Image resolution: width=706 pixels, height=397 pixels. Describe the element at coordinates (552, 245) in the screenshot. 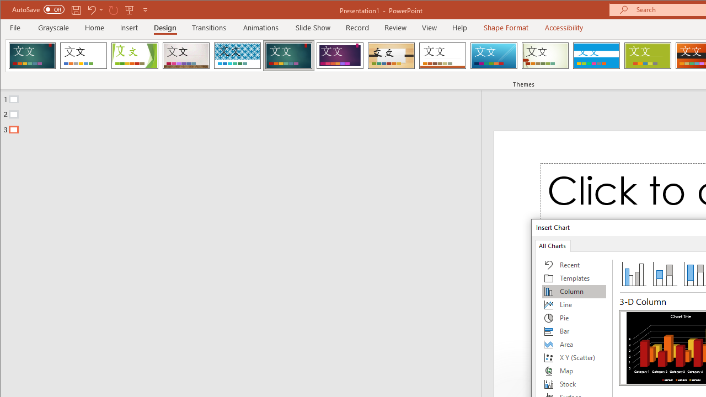

I see `'All Charts'` at that location.